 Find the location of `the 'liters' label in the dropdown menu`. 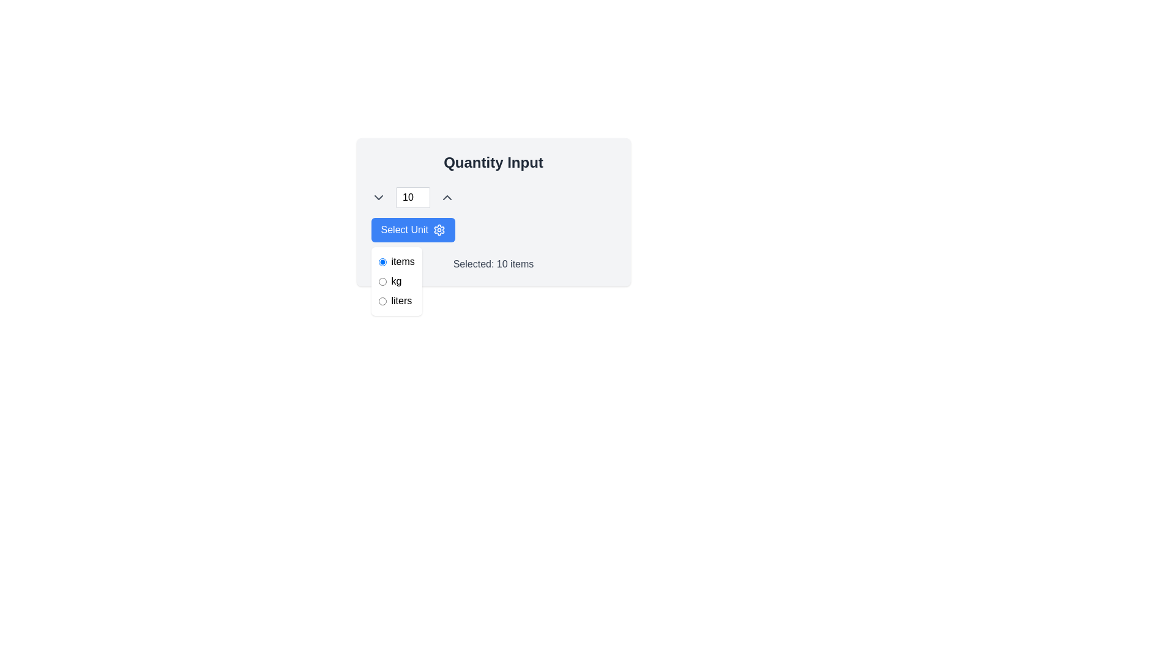

the 'liters' label in the dropdown menu is located at coordinates (401, 301).